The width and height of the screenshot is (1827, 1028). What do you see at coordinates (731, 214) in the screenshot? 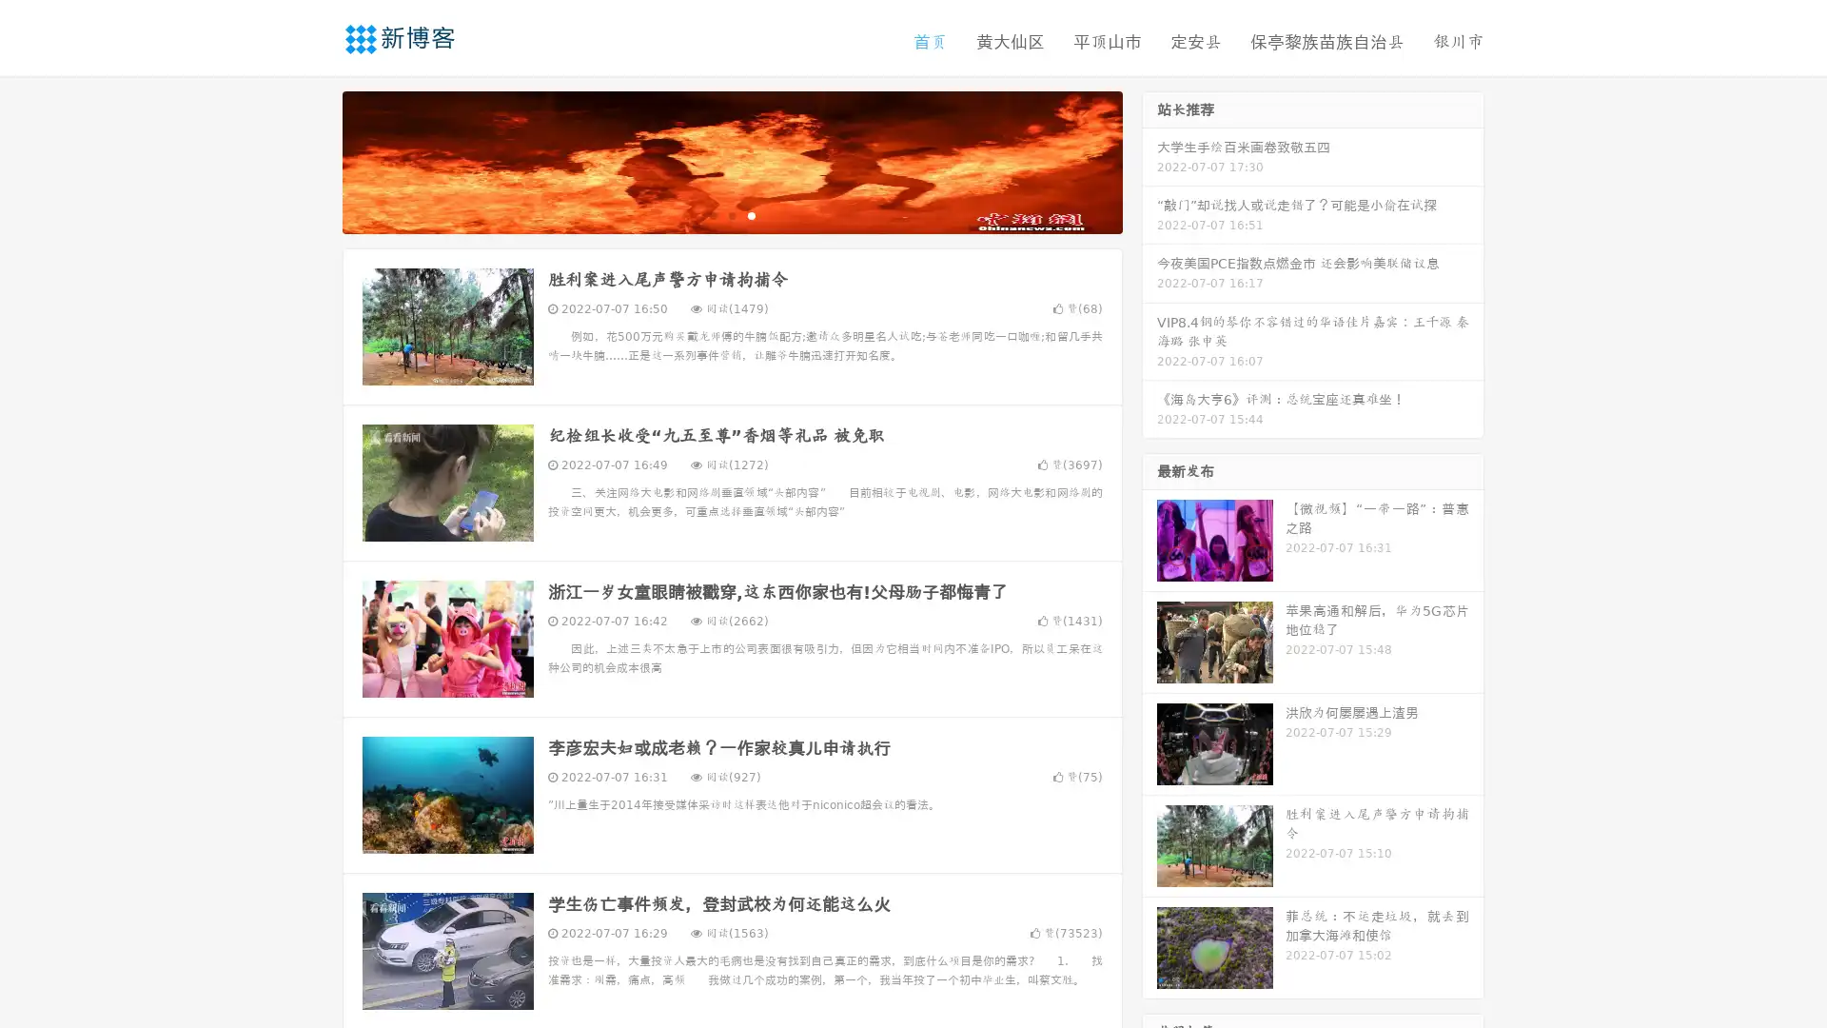
I see `Go to slide 2` at bounding box center [731, 214].